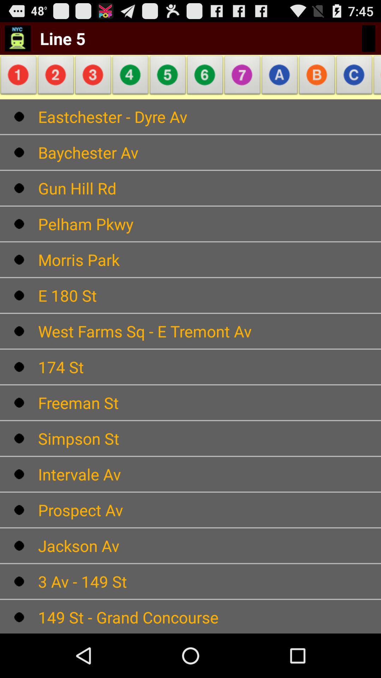 The height and width of the screenshot is (678, 381). Describe the element at coordinates (354, 82) in the screenshot. I see `the add icon` at that location.